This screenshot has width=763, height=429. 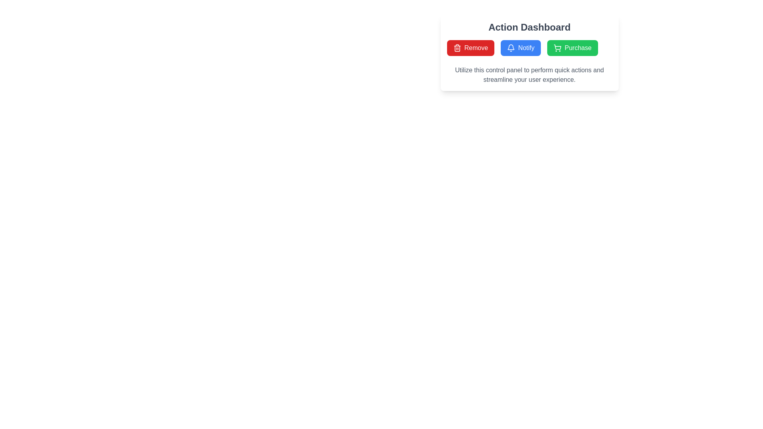 I want to click on the bell-shaped notification icon in the 'Action Dashboard' control panel to use it as a visual cue, so click(x=511, y=47).